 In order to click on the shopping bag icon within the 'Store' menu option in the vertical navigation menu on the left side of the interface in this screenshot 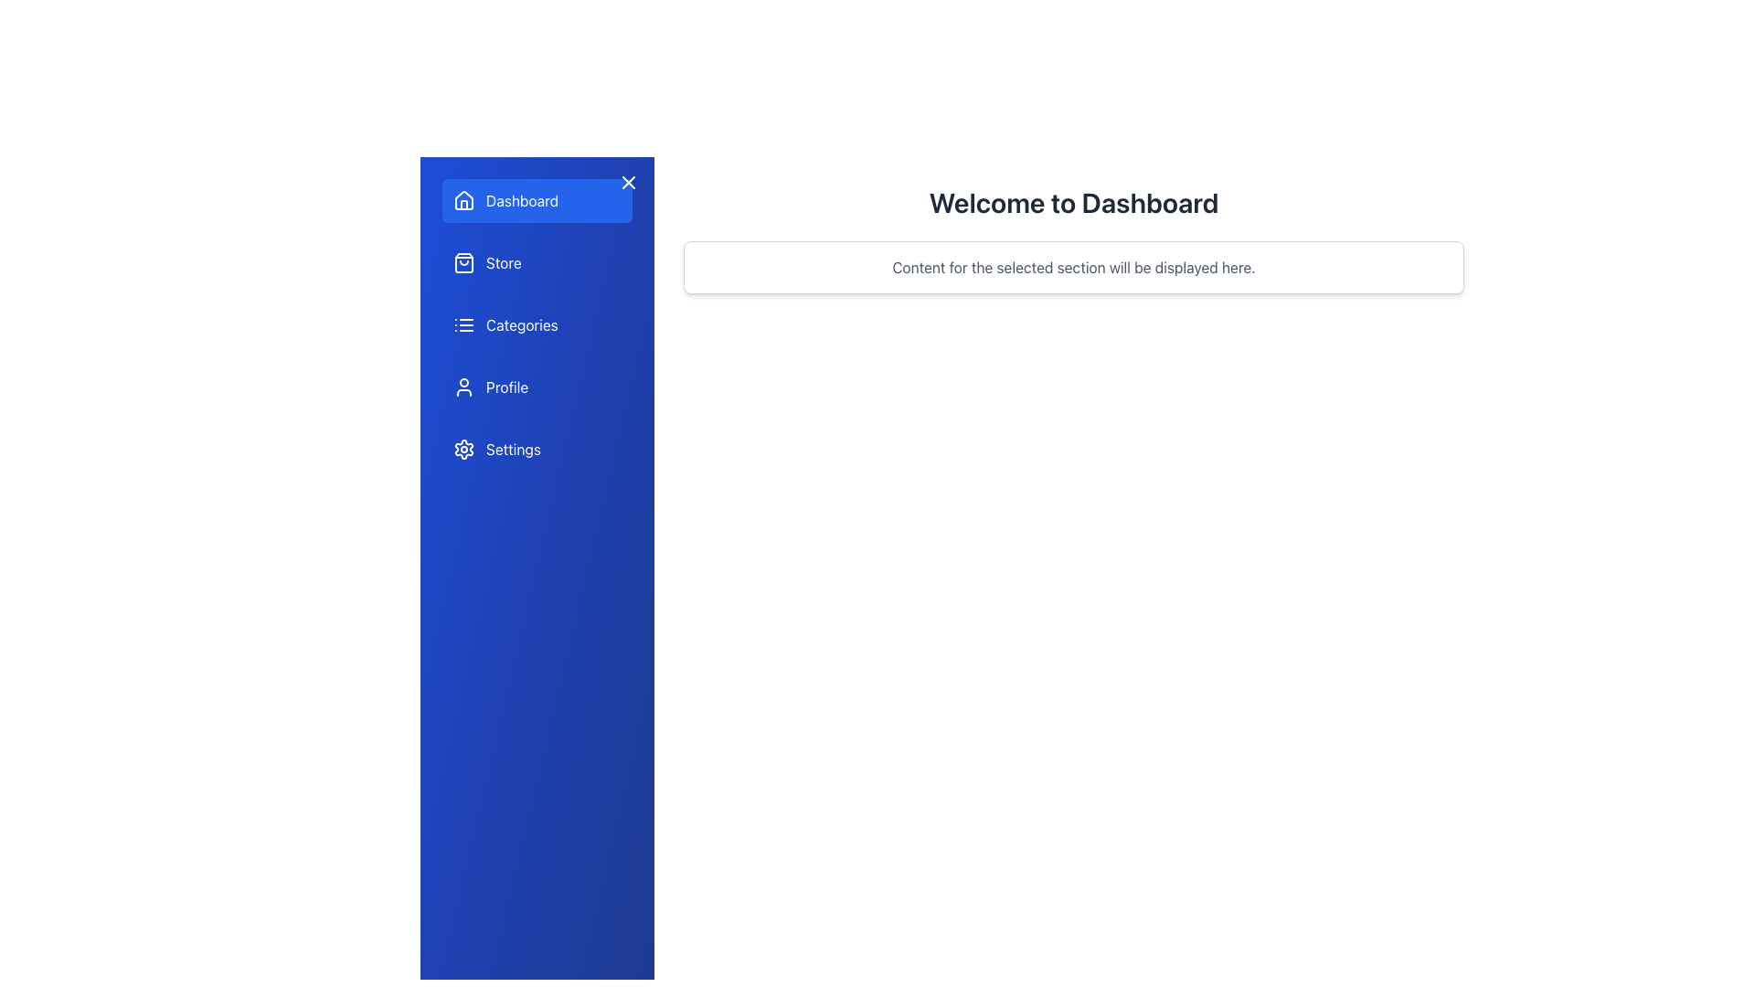, I will do `click(464, 263)`.